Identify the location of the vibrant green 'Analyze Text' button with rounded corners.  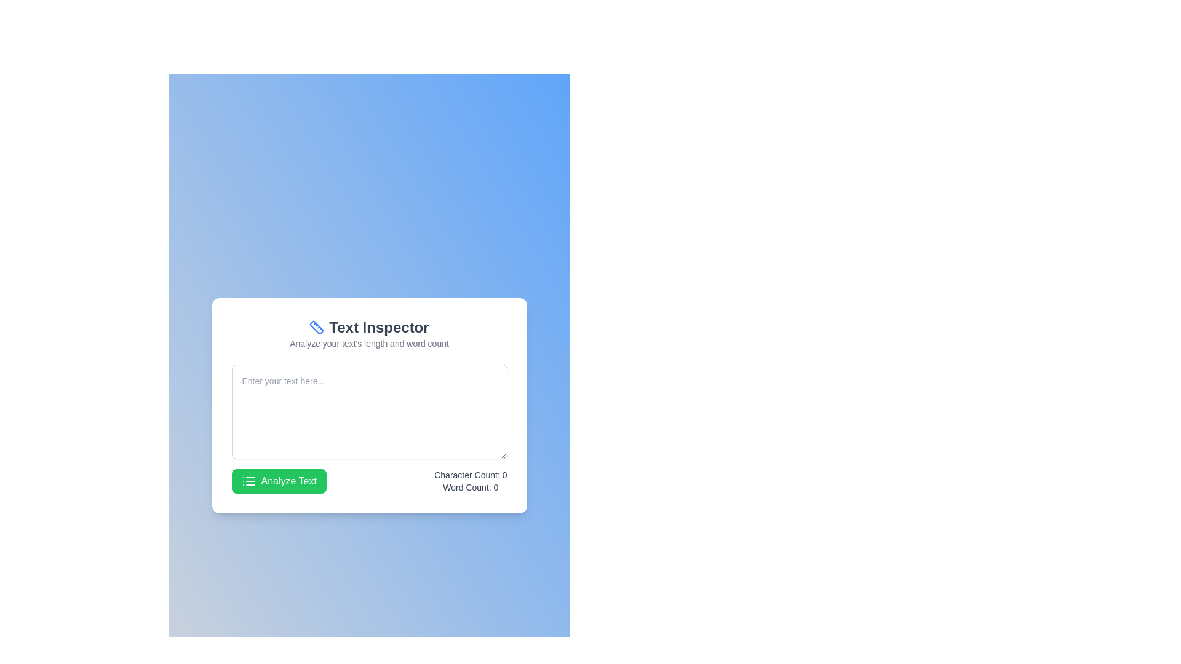
(278, 481).